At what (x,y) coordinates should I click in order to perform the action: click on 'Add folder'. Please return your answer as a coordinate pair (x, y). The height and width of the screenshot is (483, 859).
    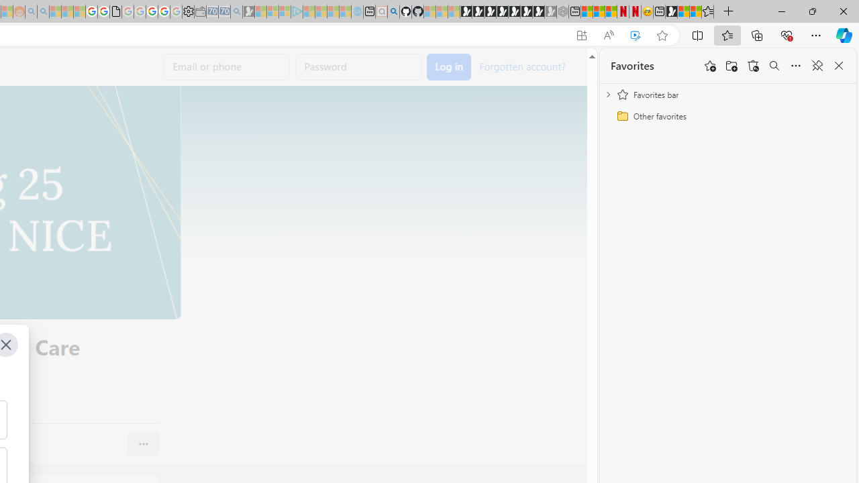
    Looking at the image, I should click on (730, 66).